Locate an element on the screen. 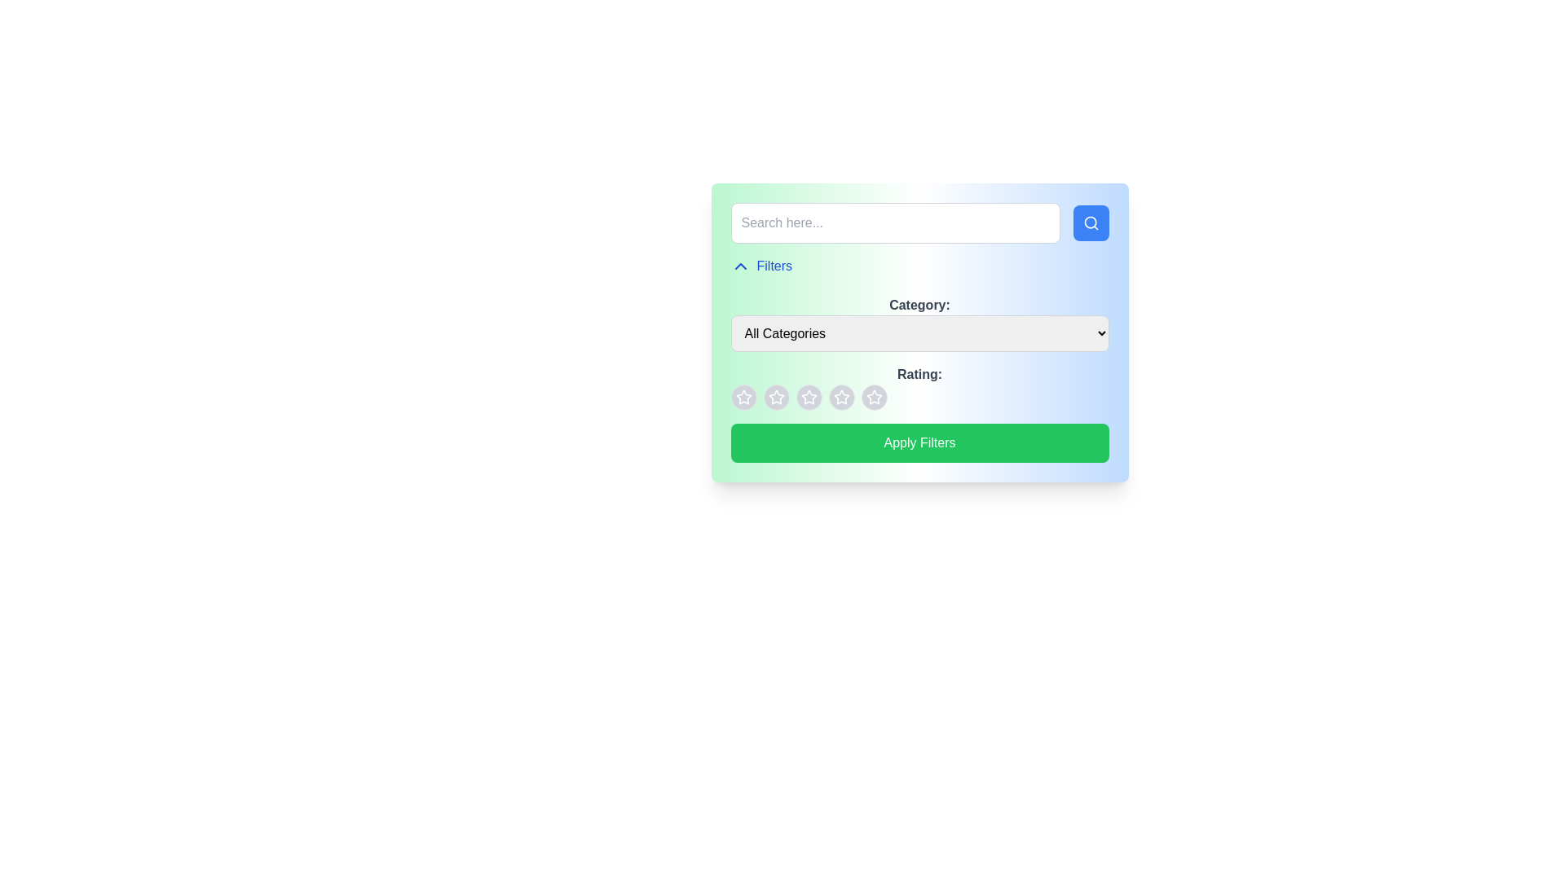 Image resolution: width=1565 pixels, height=880 pixels. the text label that serves as a header for the star rating selection interface, positioned under 'Category:' and above the star-based rating selector is located at coordinates (919, 387).